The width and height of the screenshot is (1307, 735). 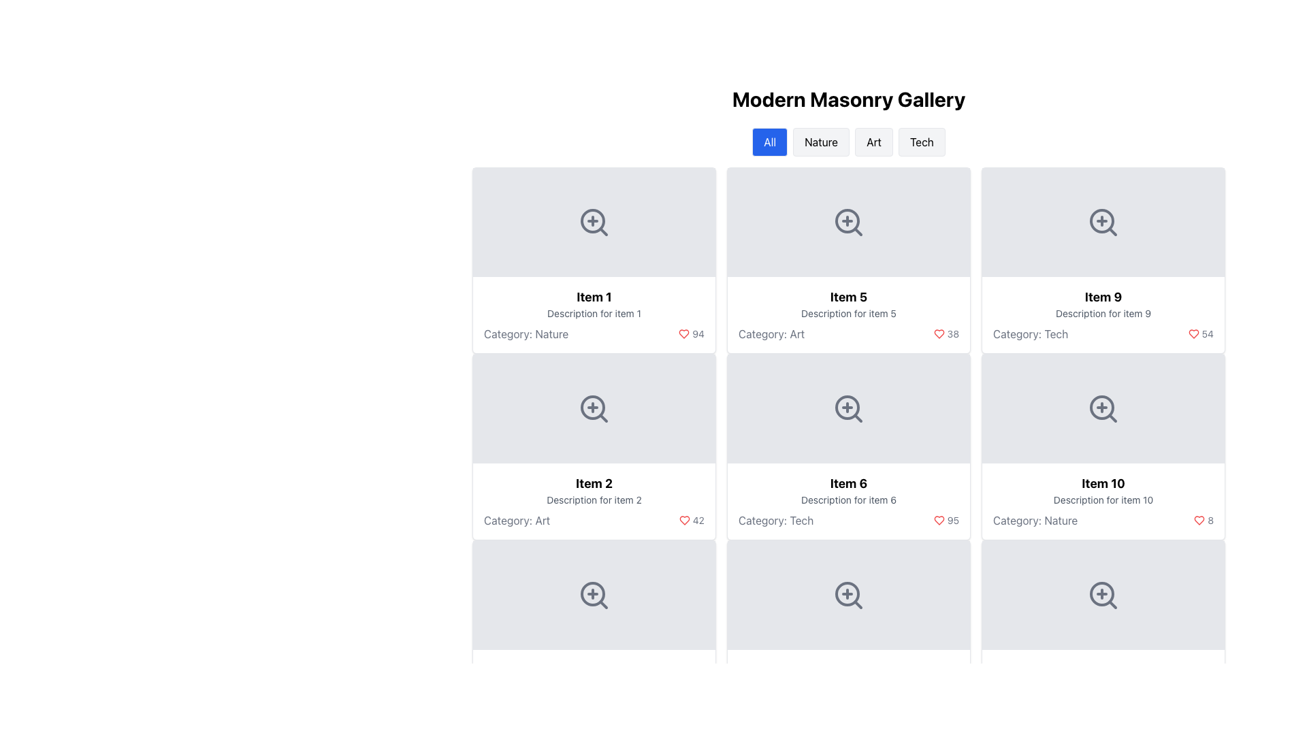 I want to click on the information represented by the heart icon displaying the number of likes or favorites on the 'Item 2' card in the bottom right corner under the 'Category: Art' text, so click(x=692, y=520).